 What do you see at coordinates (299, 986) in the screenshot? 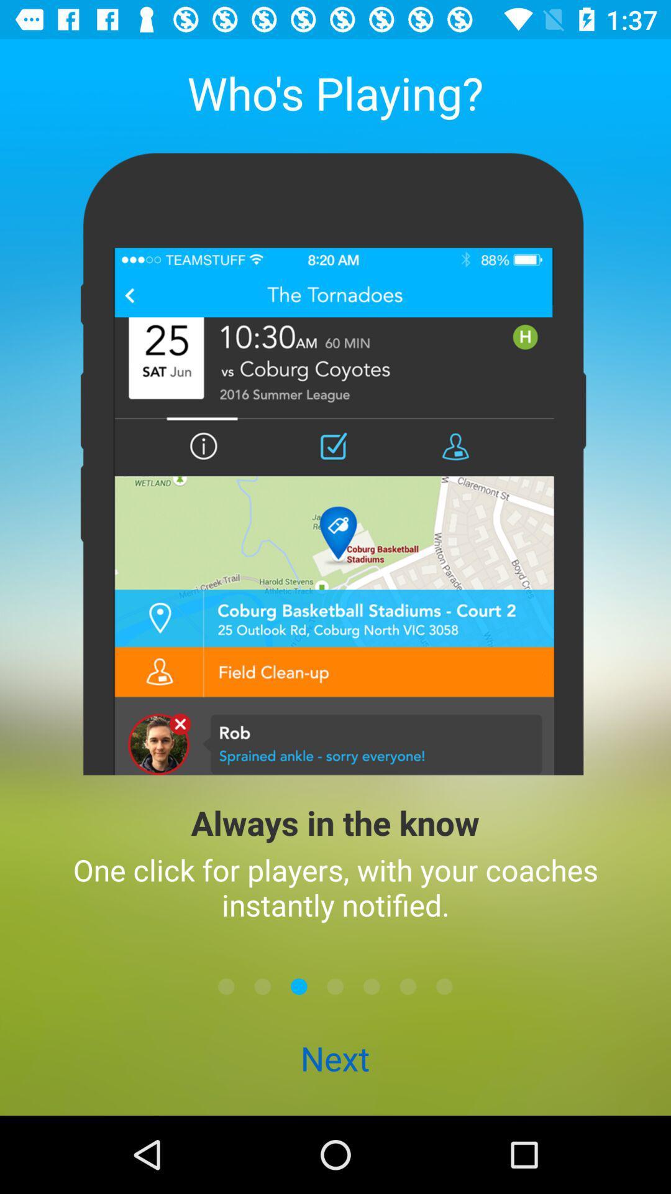
I see `next page` at bounding box center [299, 986].